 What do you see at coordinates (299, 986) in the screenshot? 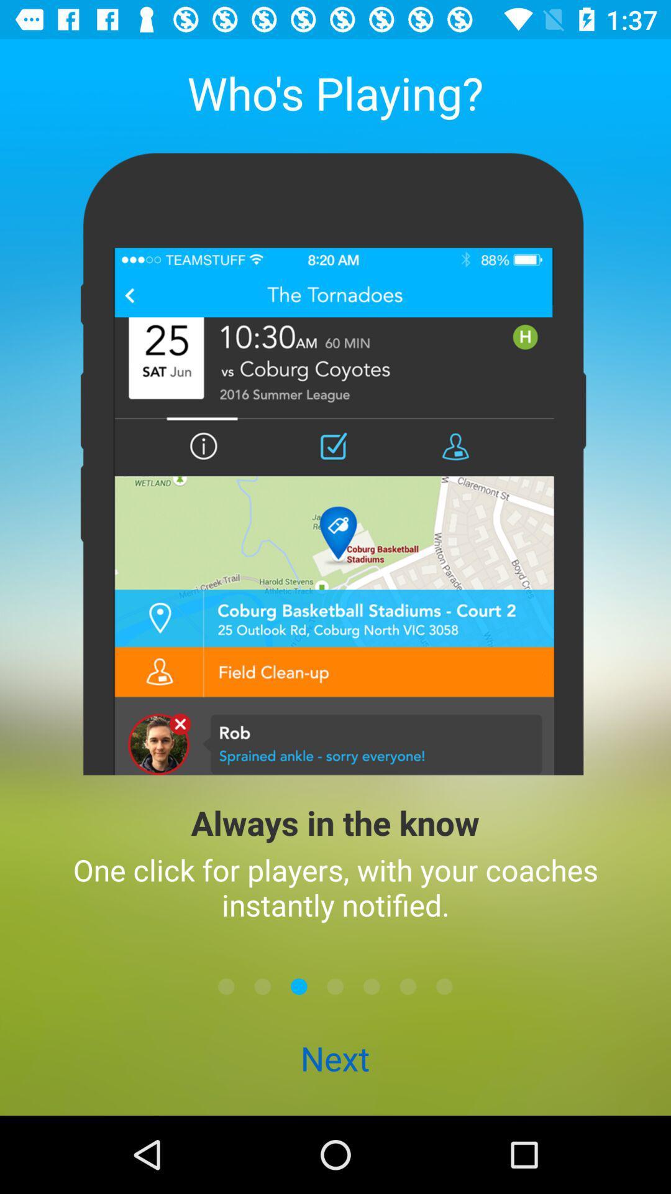
I see `next page` at bounding box center [299, 986].